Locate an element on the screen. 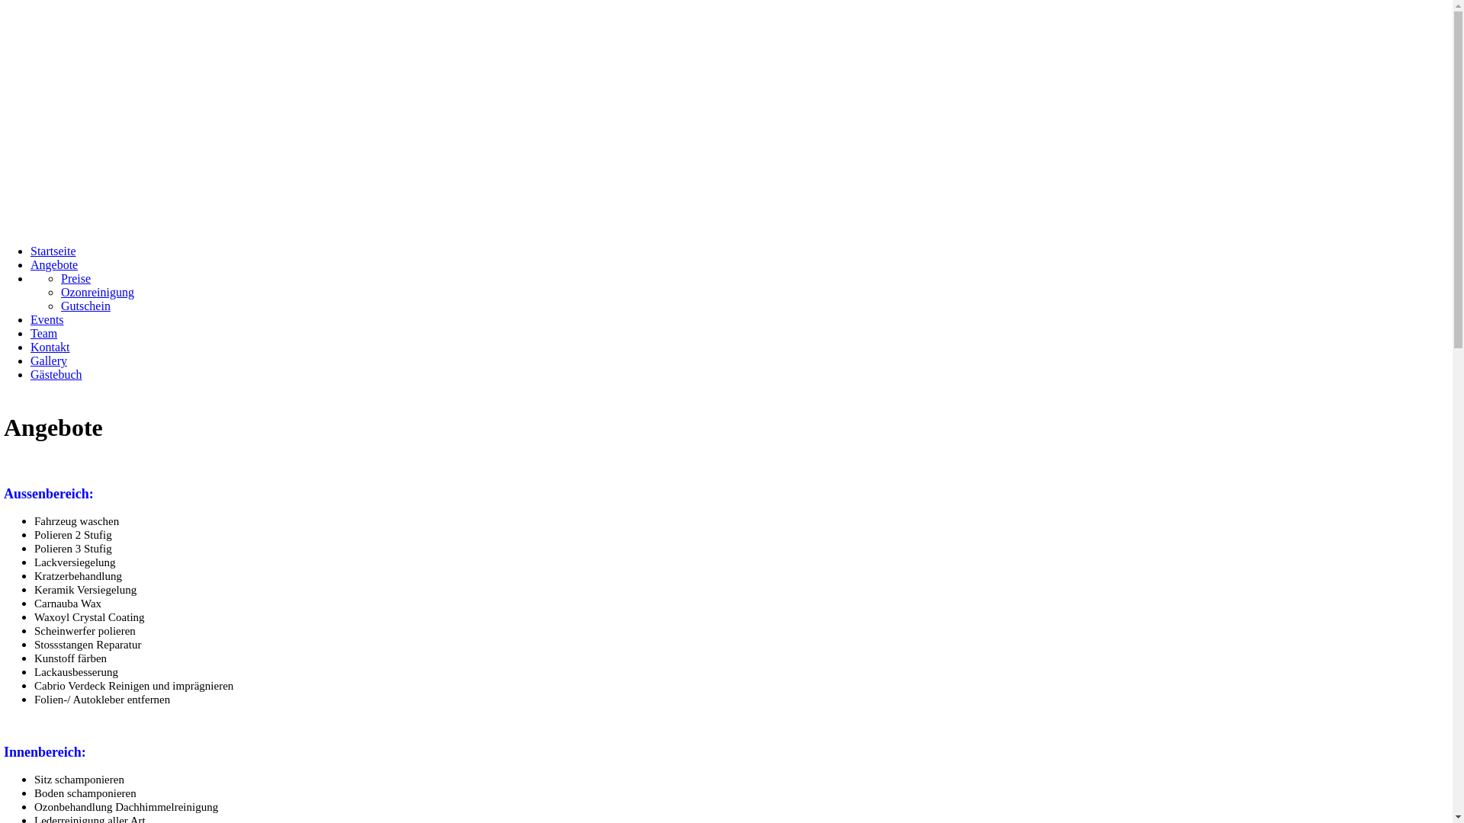 Image resolution: width=1464 pixels, height=823 pixels. 'Gutschein' is located at coordinates (85, 306).